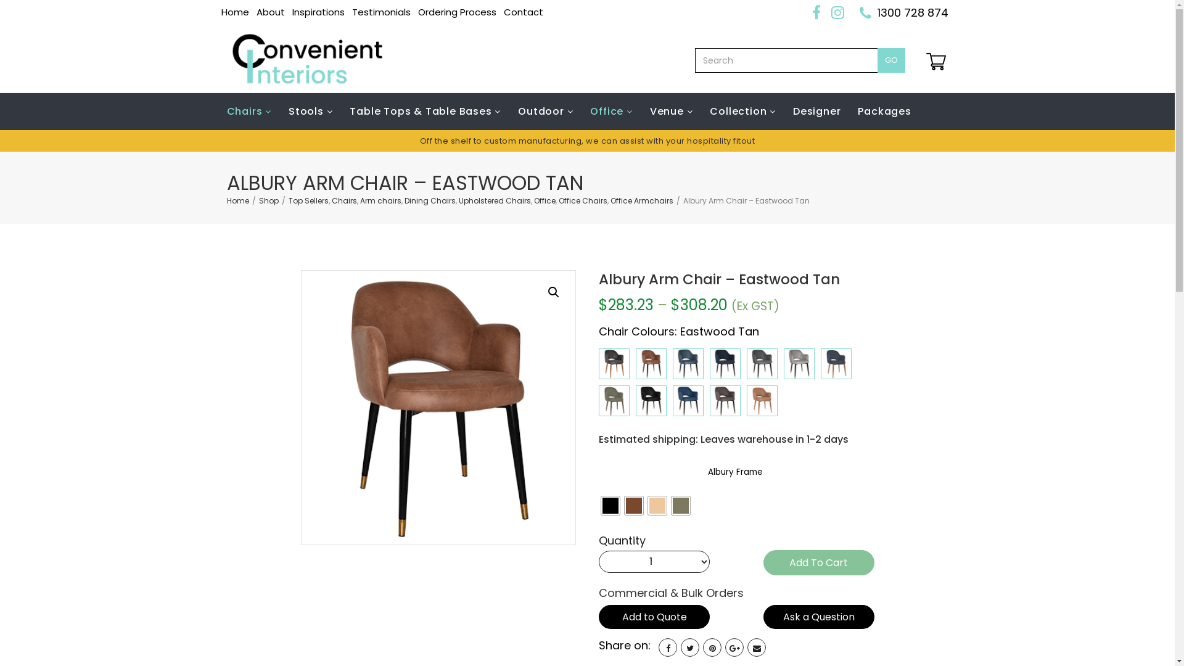 The height and width of the screenshot is (666, 1184). Describe the element at coordinates (651, 401) in the screenshot. I see `'Albury Arm Chair - Vinyl Black'` at that location.